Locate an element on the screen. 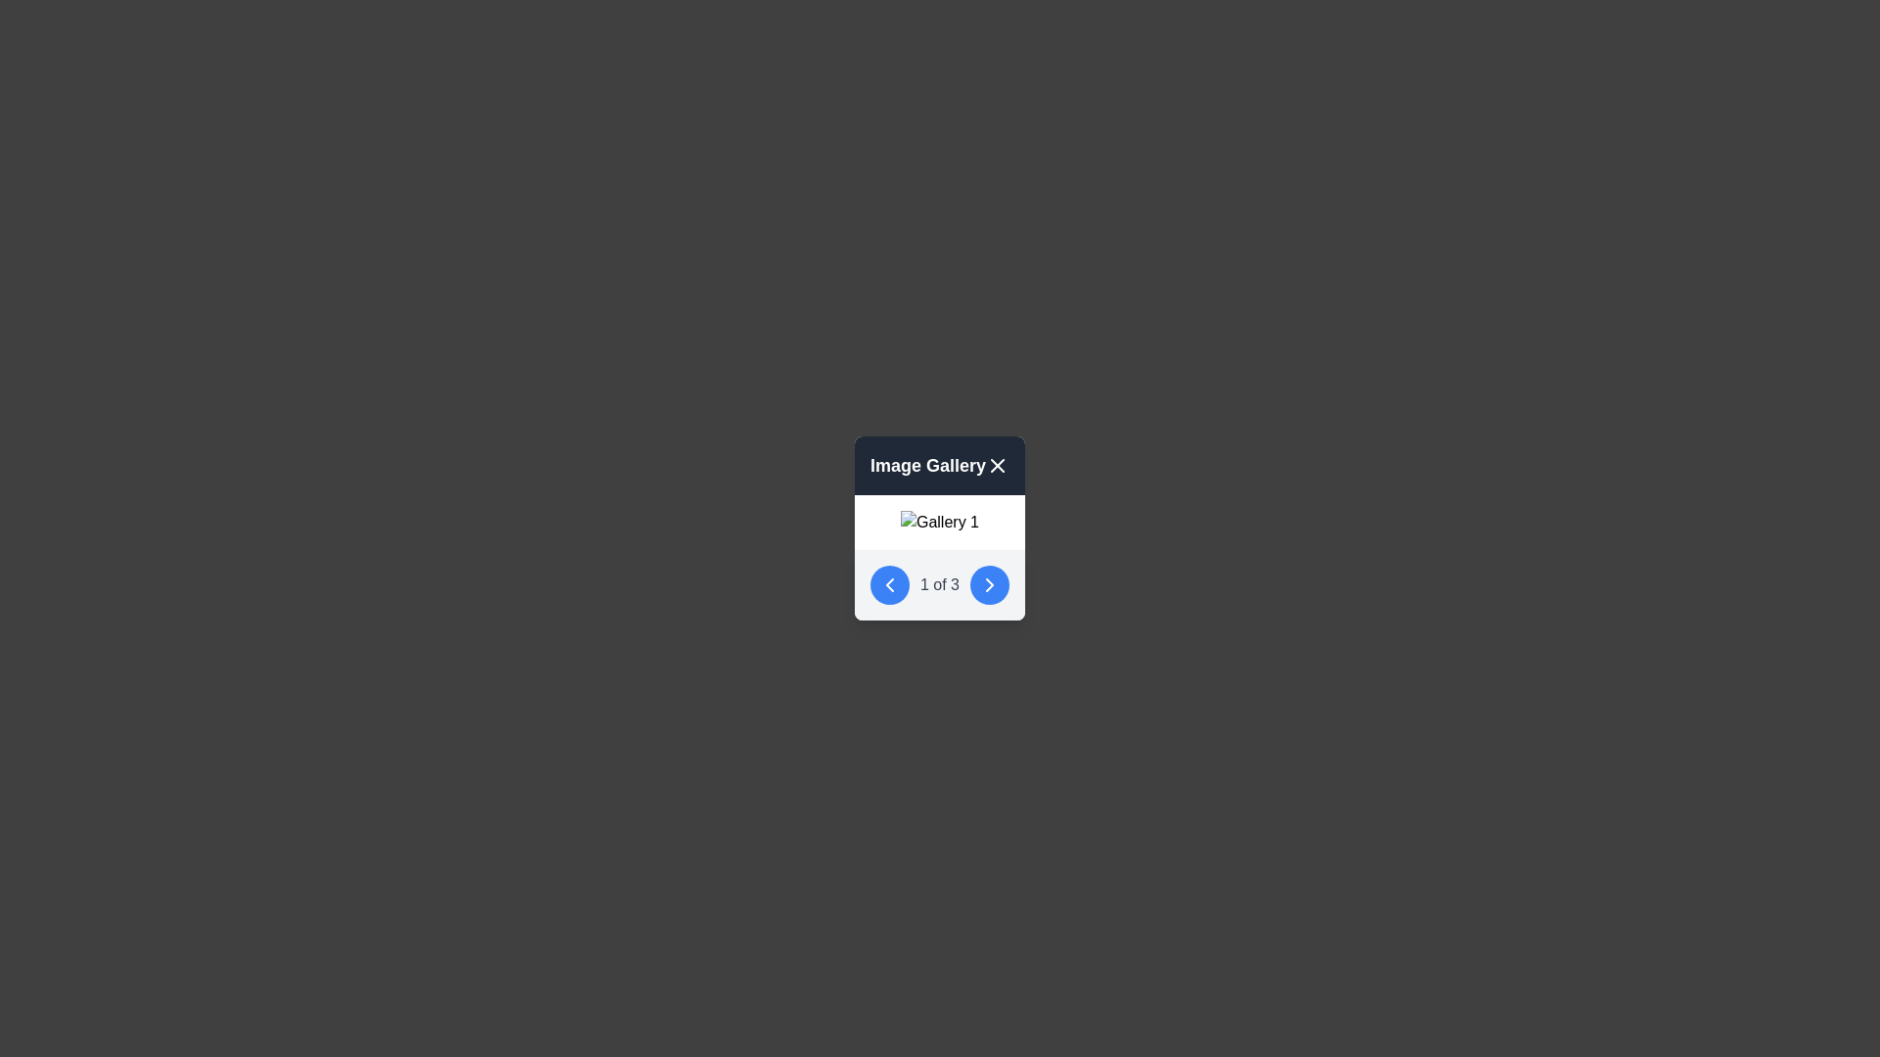  the blue circular button with a white chevron icon pointing to the left, located on the left side of the navigation section is located at coordinates (888, 583).